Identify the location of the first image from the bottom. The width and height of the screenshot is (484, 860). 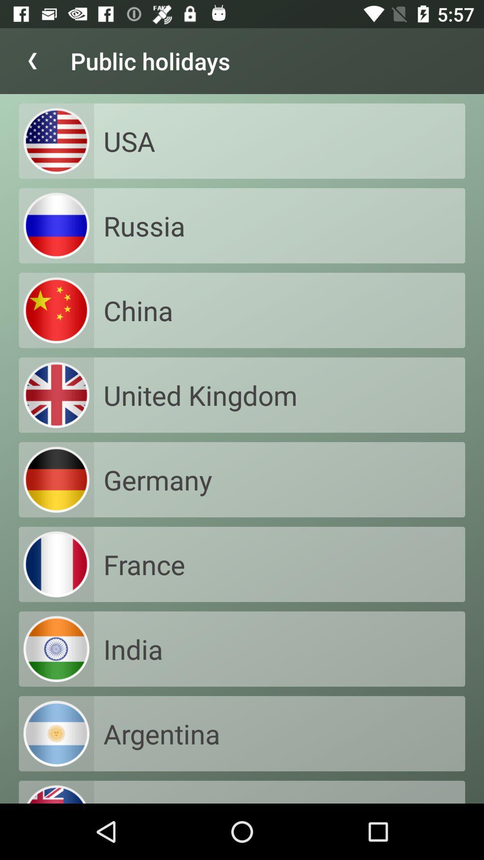
(56, 733).